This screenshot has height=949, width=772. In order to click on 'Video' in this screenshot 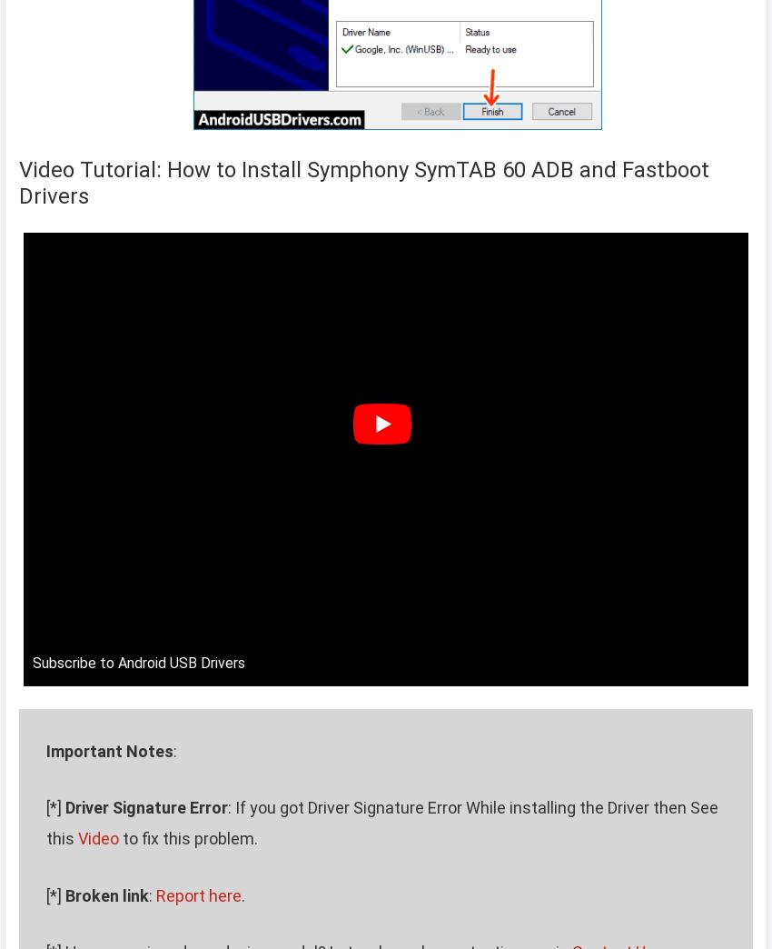, I will do `click(97, 837)`.